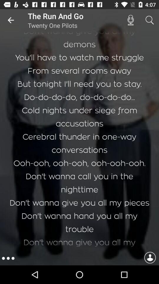 The width and height of the screenshot is (159, 284). I want to click on the item below the i can t item, so click(8, 258).